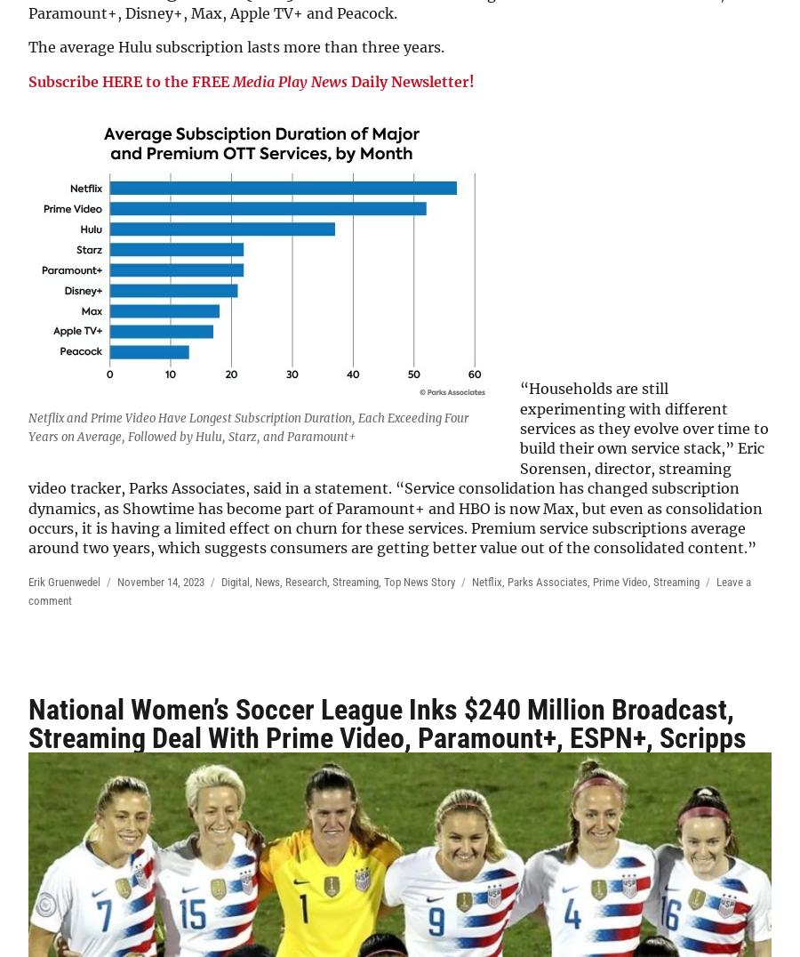 Image resolution: width=800 pixels, height=957 pixels. I want to click on 'Prime Video', so click(592, 580).